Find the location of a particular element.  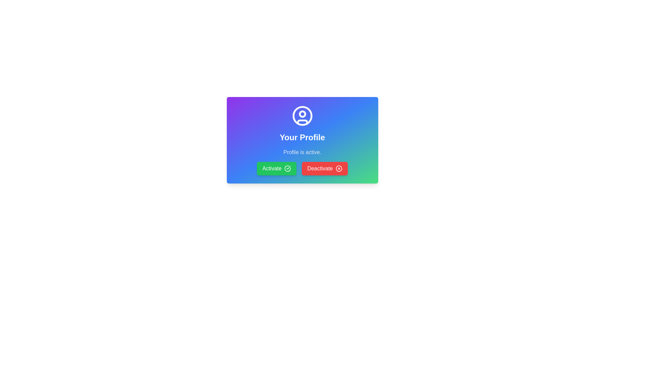

the static text element labeled 'Your Profile', which serves as a title for the user's profile information, located directly beneath the user icon is located at coordinates (302, 137).